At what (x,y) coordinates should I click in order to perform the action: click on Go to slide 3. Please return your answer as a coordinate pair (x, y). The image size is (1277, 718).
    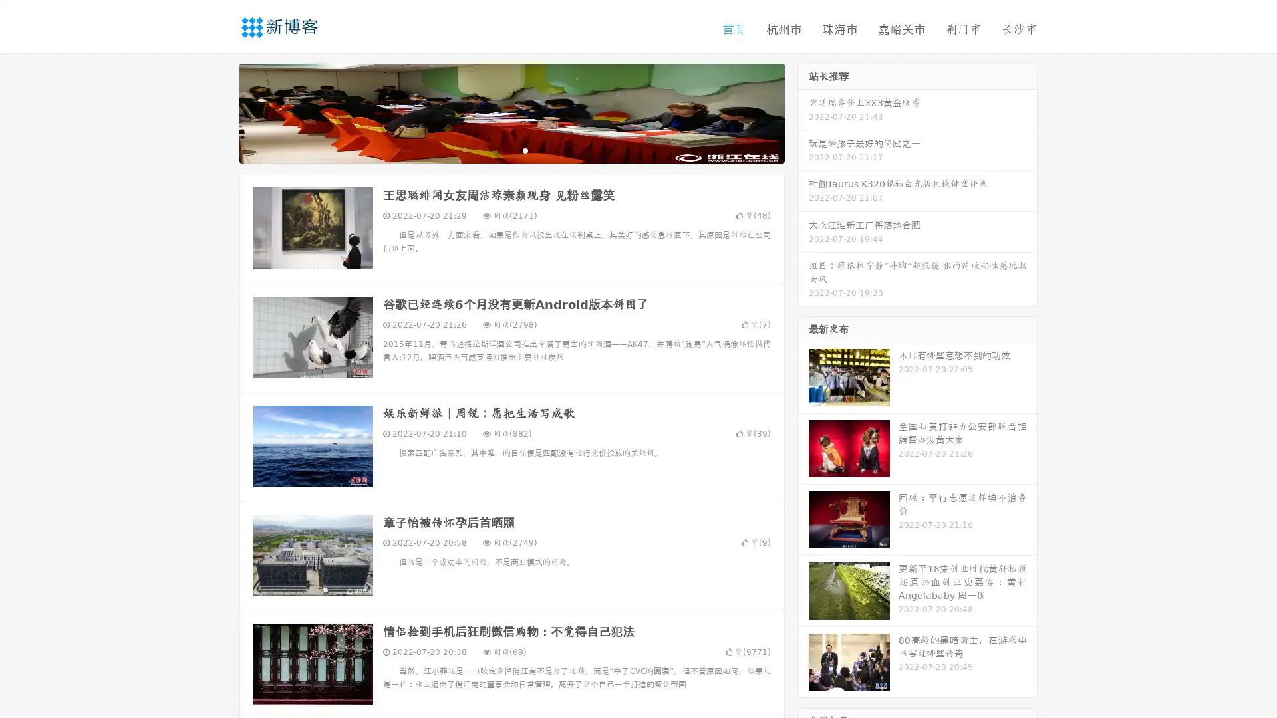
    Looking at the image, I should click on (525, 150).